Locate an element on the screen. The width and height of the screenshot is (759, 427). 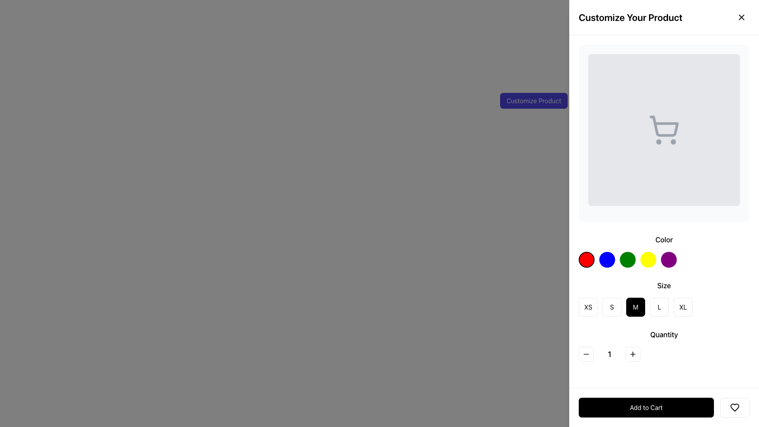
the heart-shaped icon button located at the bottom-right corner of the panel to mark it as favorite is located at coordinates (734, 407).